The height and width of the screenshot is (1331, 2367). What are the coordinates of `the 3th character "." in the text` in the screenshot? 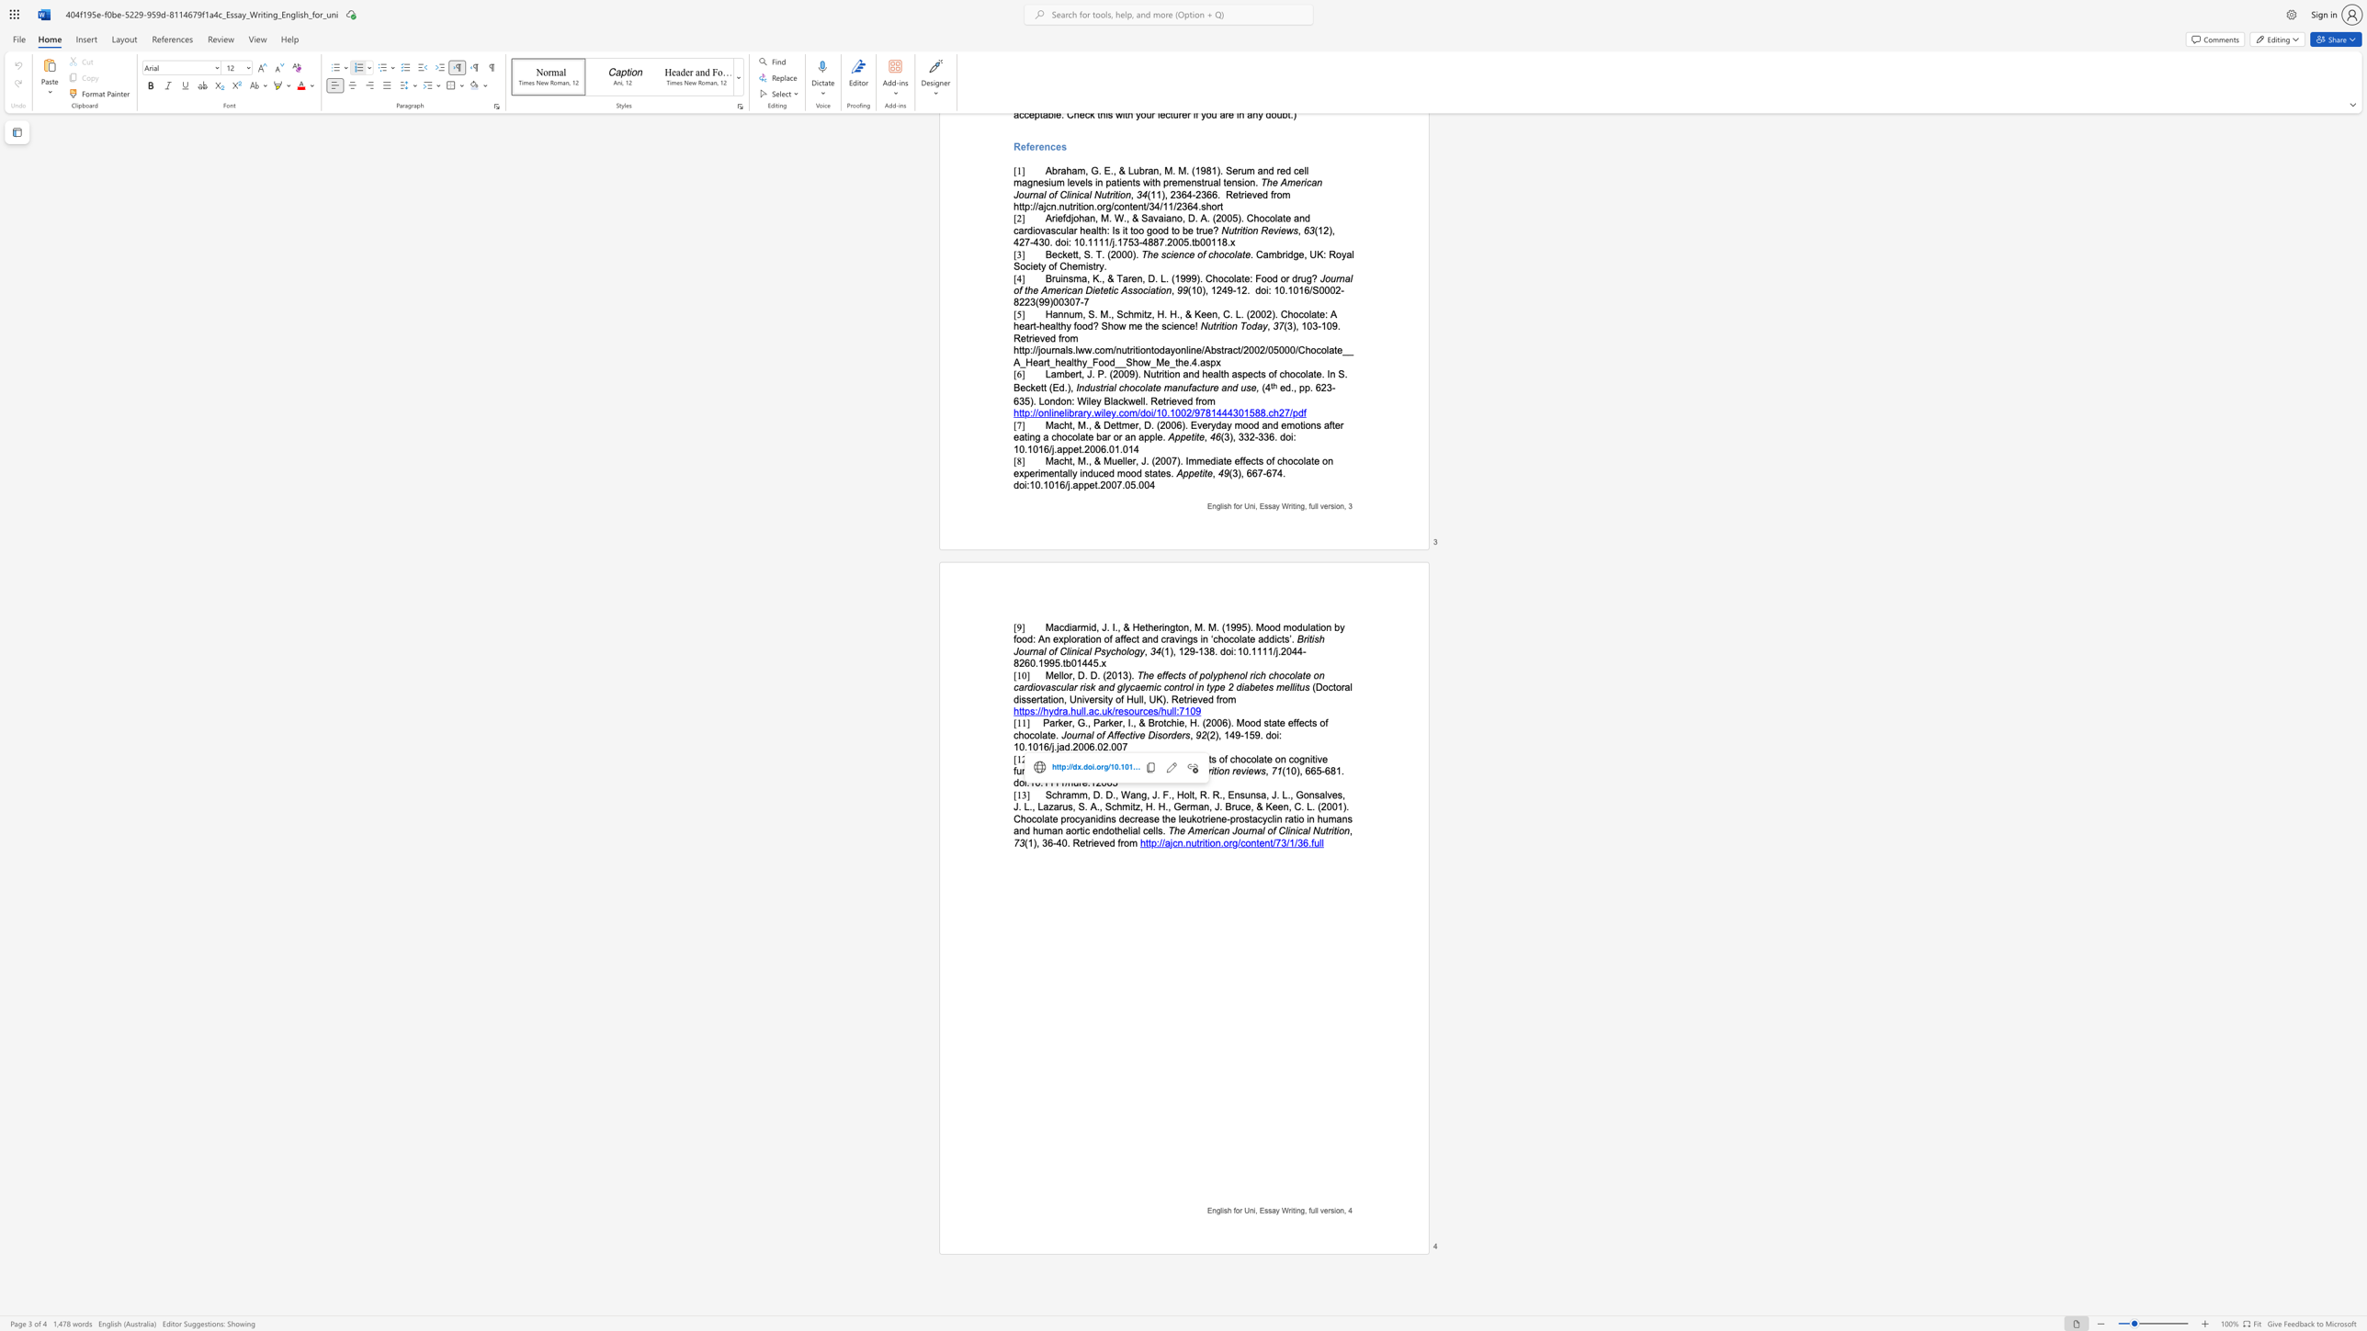 It's located at (1181, 758).